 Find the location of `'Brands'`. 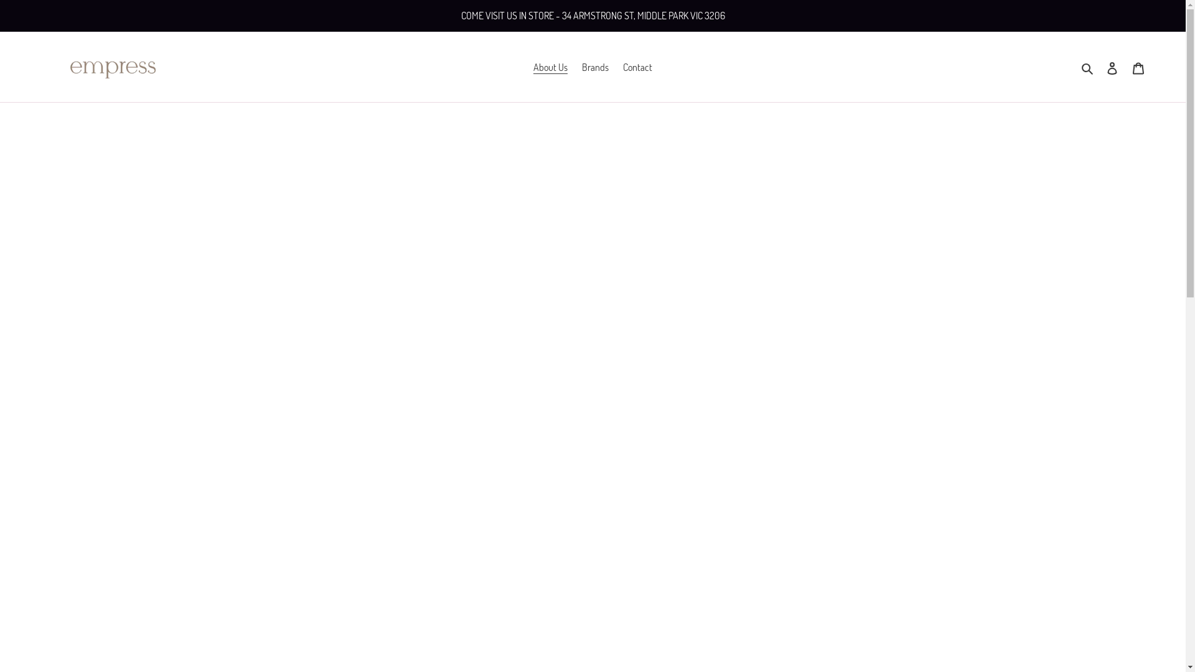

'Brands' is located at coordinates (594, 67).